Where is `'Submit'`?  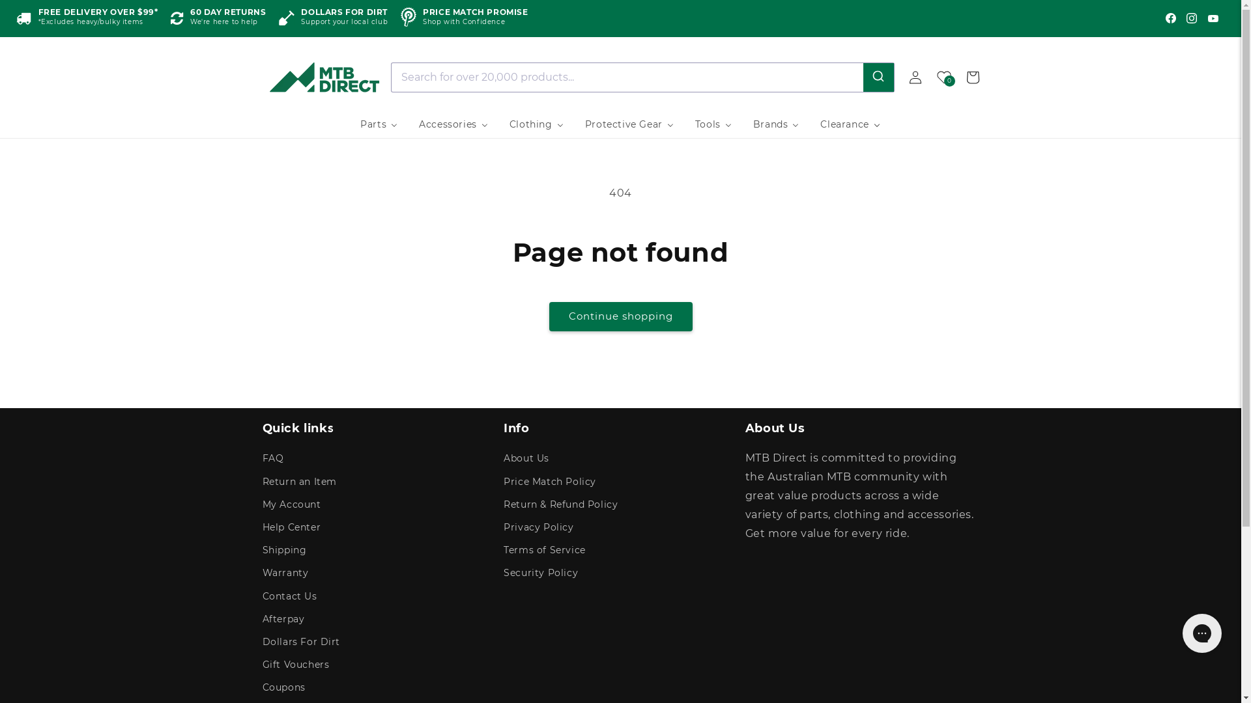
'Submit' is located at coordinates (878, 77).